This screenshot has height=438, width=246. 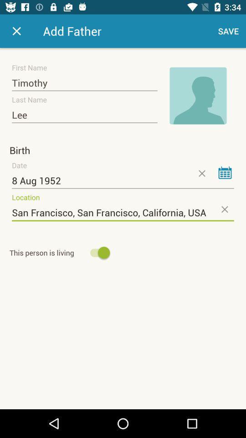 I want to click on deelte location info, so click(x=224, y=209).